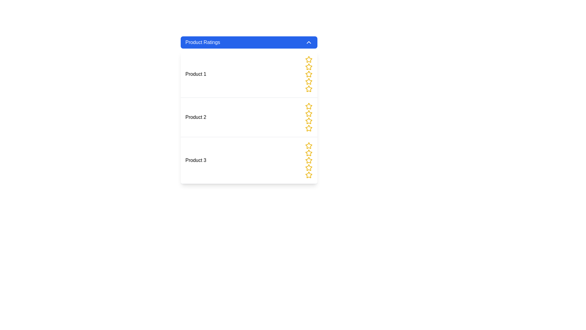 Image resolution: width=586 pixels, height=330 pixels. What do you see at coordinates (196, 74) in the screenshot?
I see `the Static Text Label displaying 'Product 1', which is styled in medium weight black text on a white background, located at the top left section of the interface` at bounding box center [196, 74].